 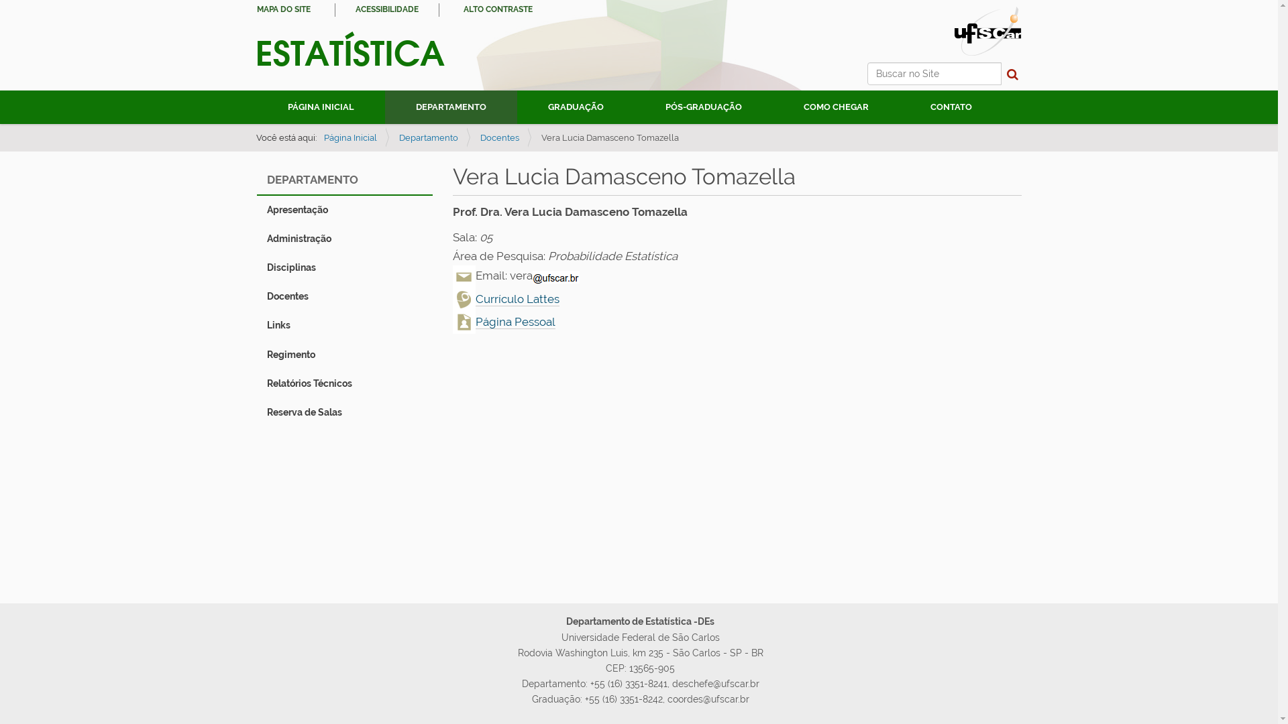 What do you see at coordinates (464, 276) in the screenshot?
I see `'Email'` at bounding box center [464, 276].